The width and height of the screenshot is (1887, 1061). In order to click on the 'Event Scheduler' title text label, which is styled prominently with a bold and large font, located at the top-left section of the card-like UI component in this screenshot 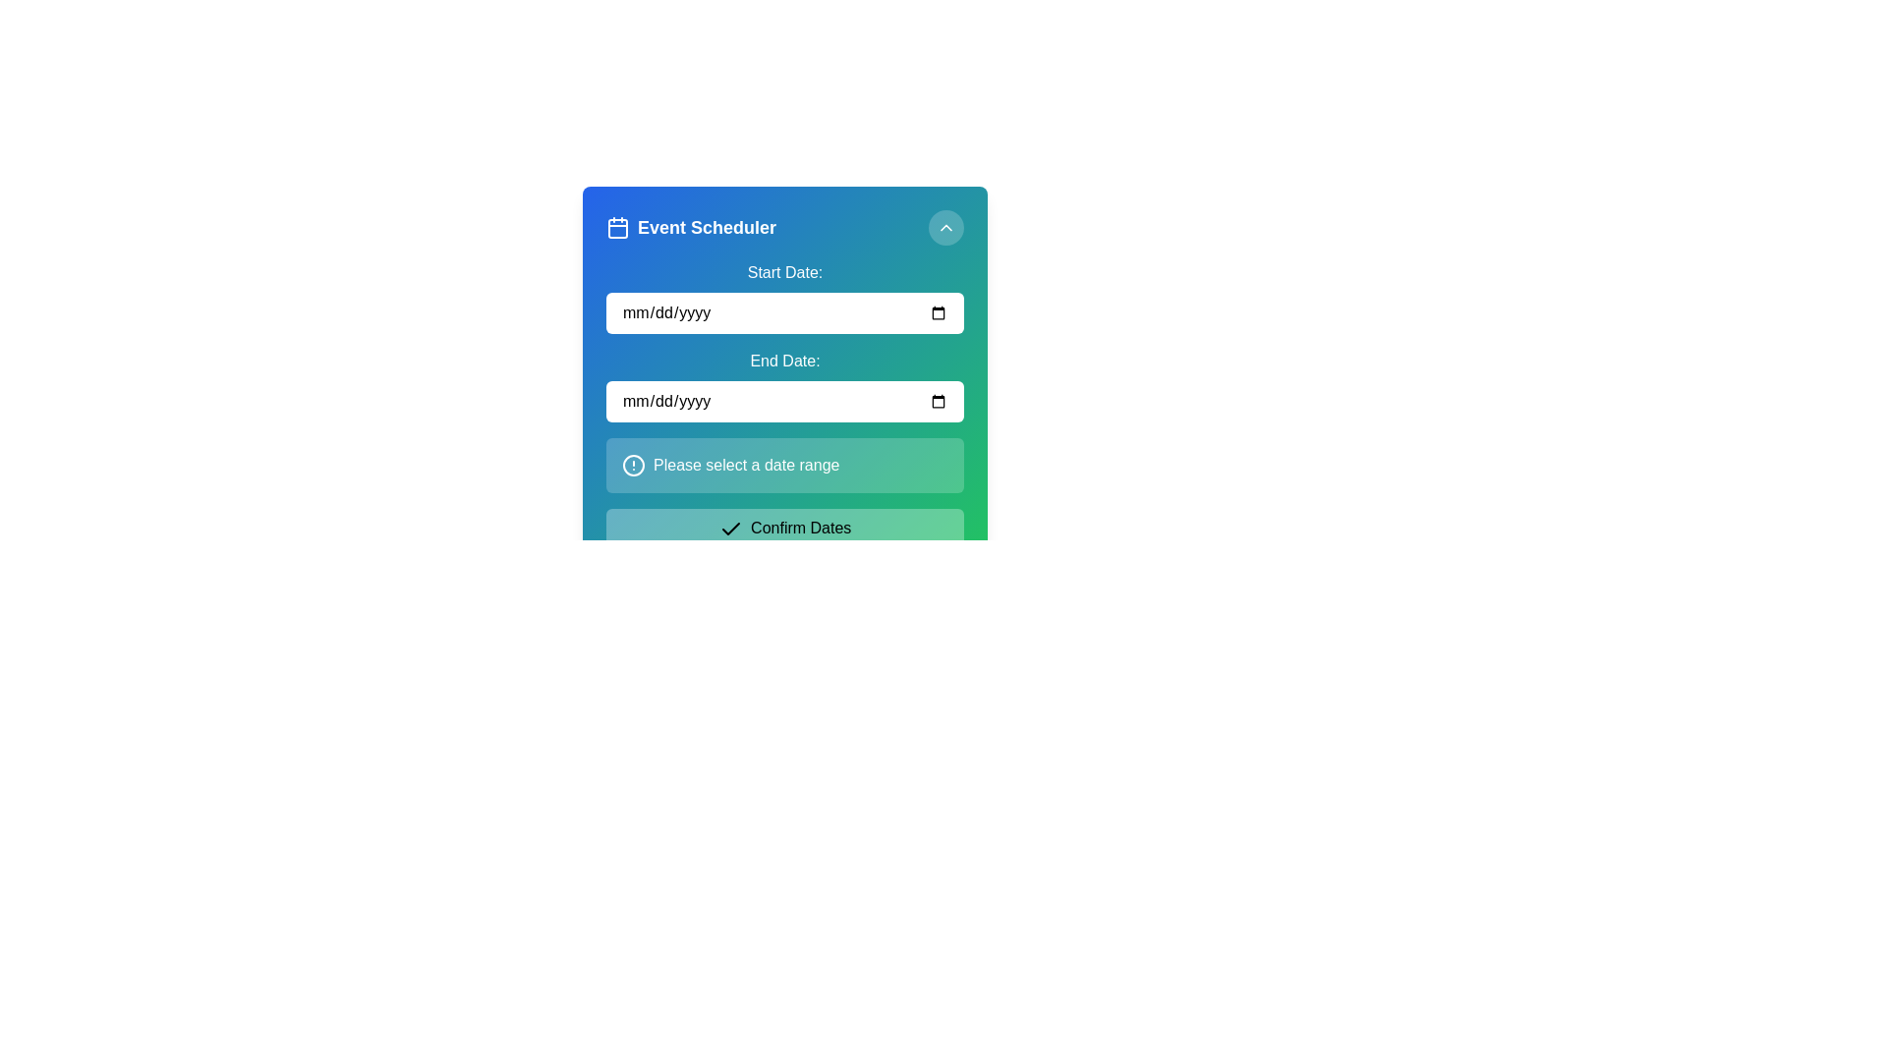, I will do `click(691, 226)`.